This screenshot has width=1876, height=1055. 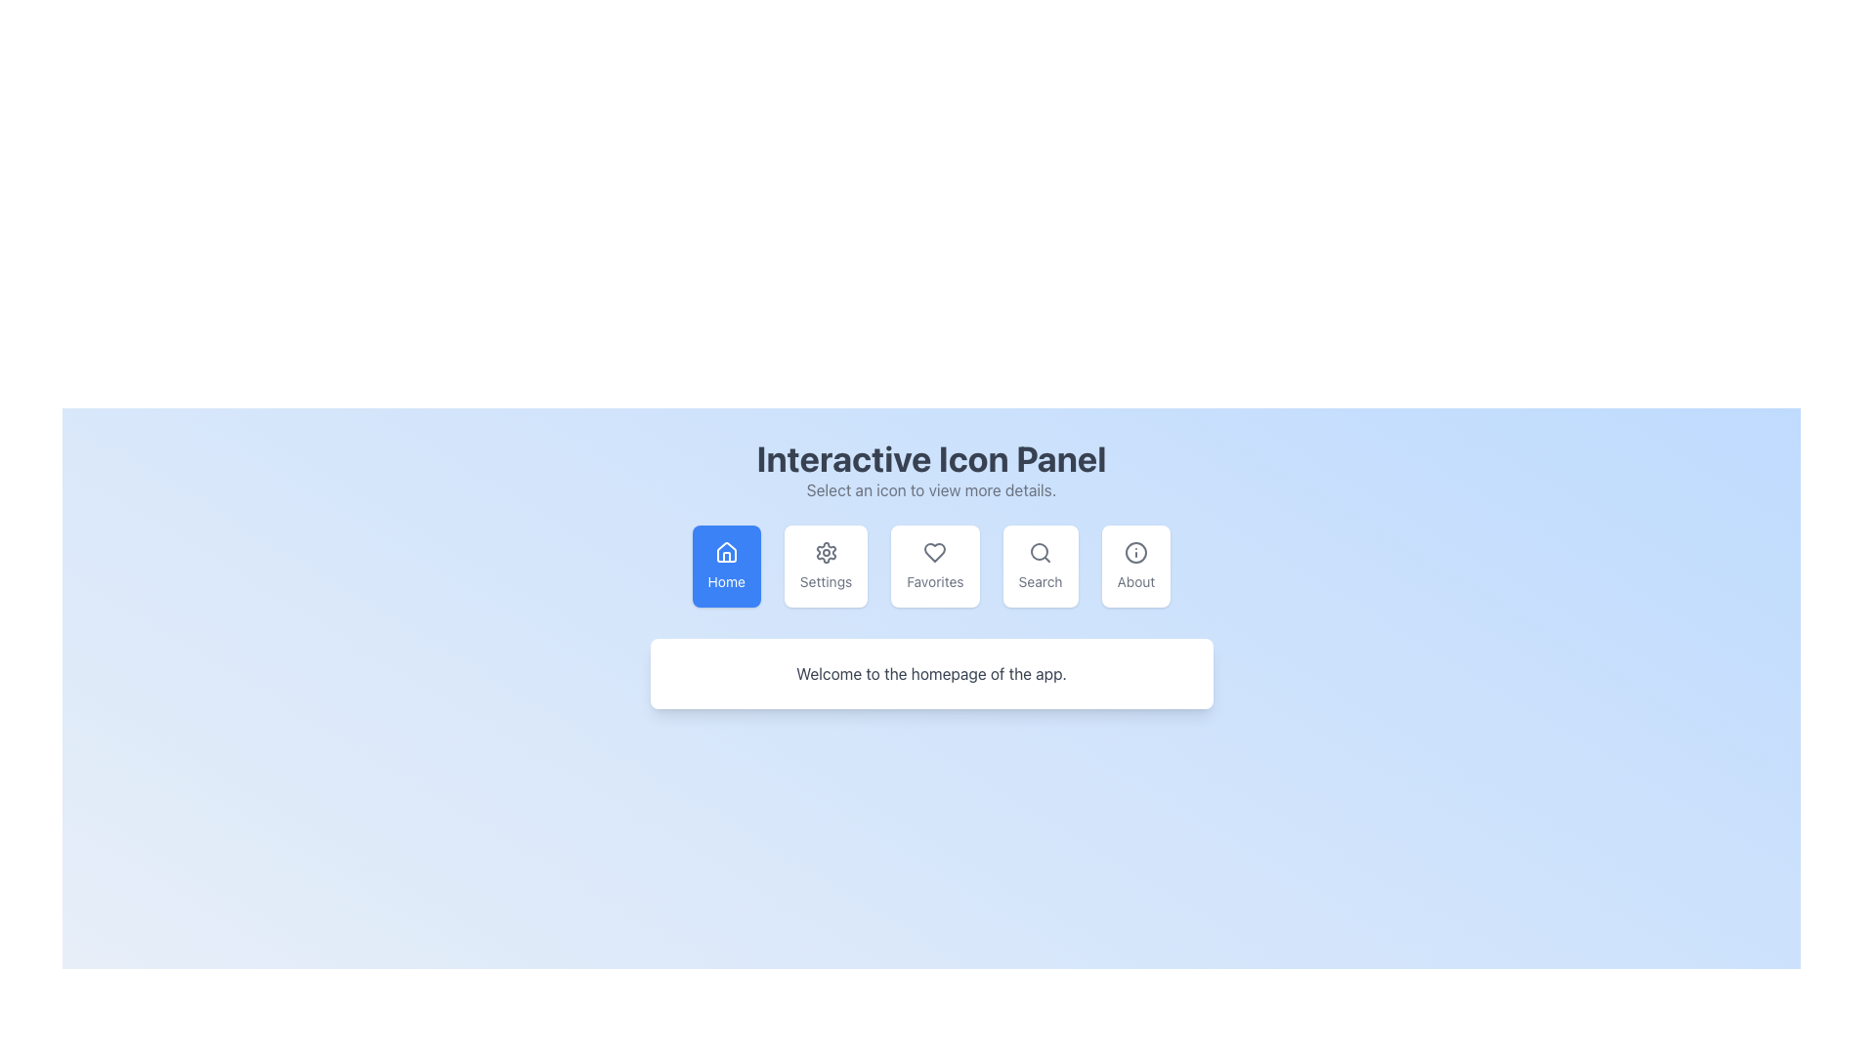 I want to click on the circular magnifying glass icon representing the search feature, located in the 'Search' button group above the 'Search' label, so click(x=1040, y=553).